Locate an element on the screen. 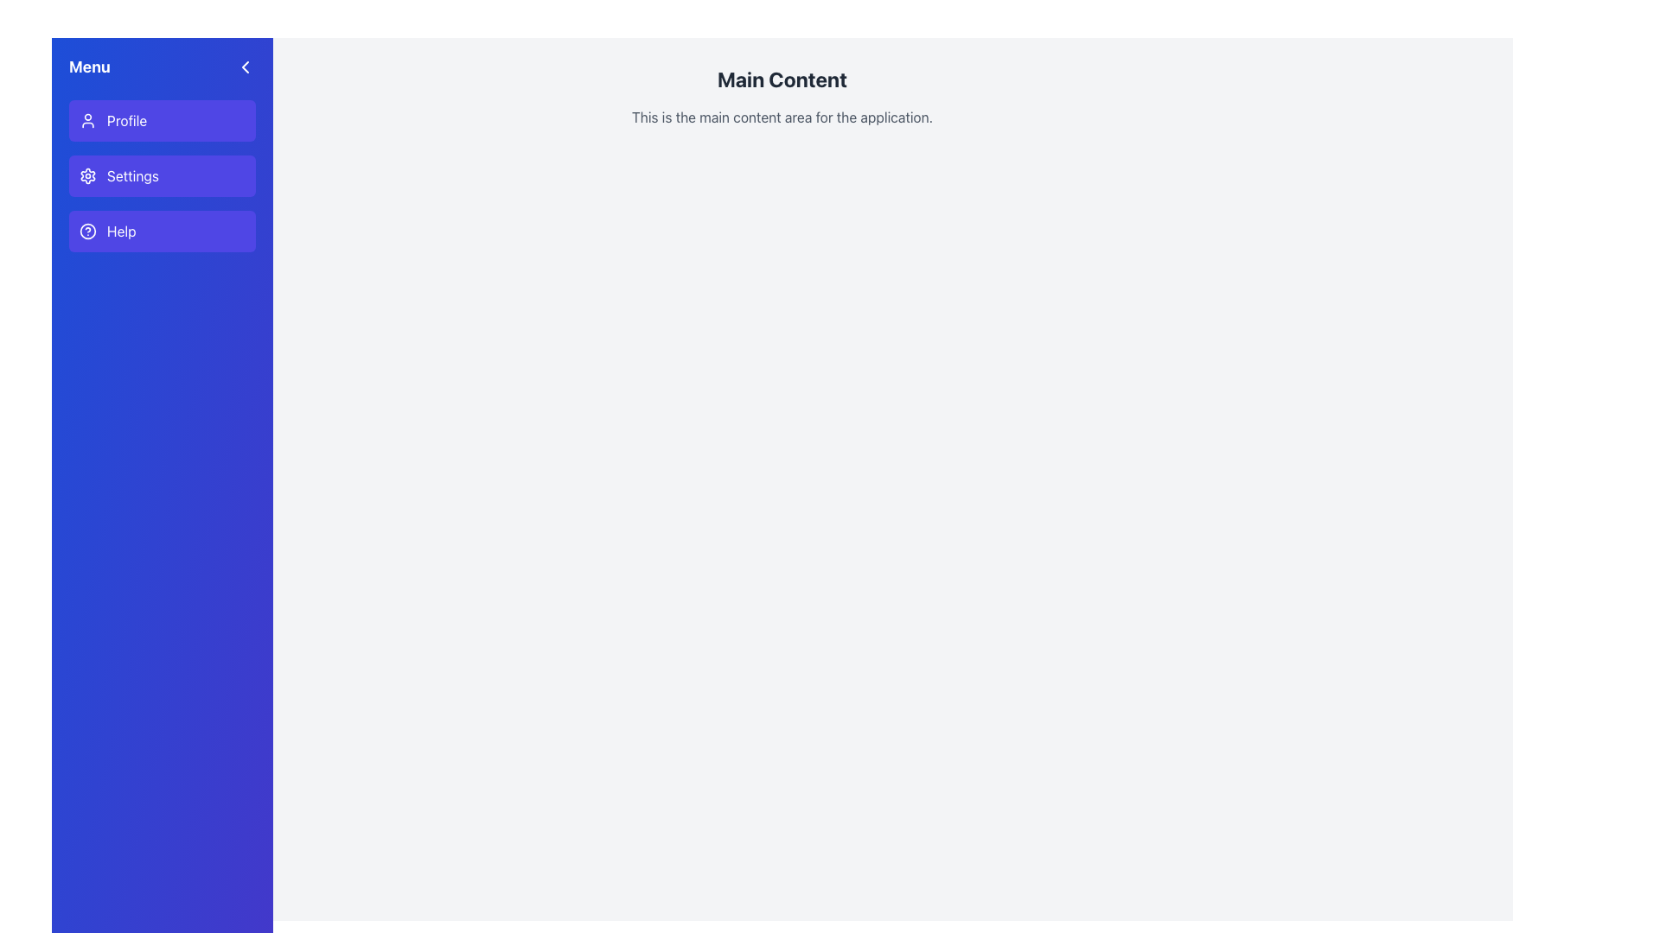 Image resolution: width=1660 pixels, height=933 pixels. user profile icon located in the sidebar menu, which features a circular head and shoulders design, positioned to the left of the 'Profile' text label is located at coordinates (86, 119).